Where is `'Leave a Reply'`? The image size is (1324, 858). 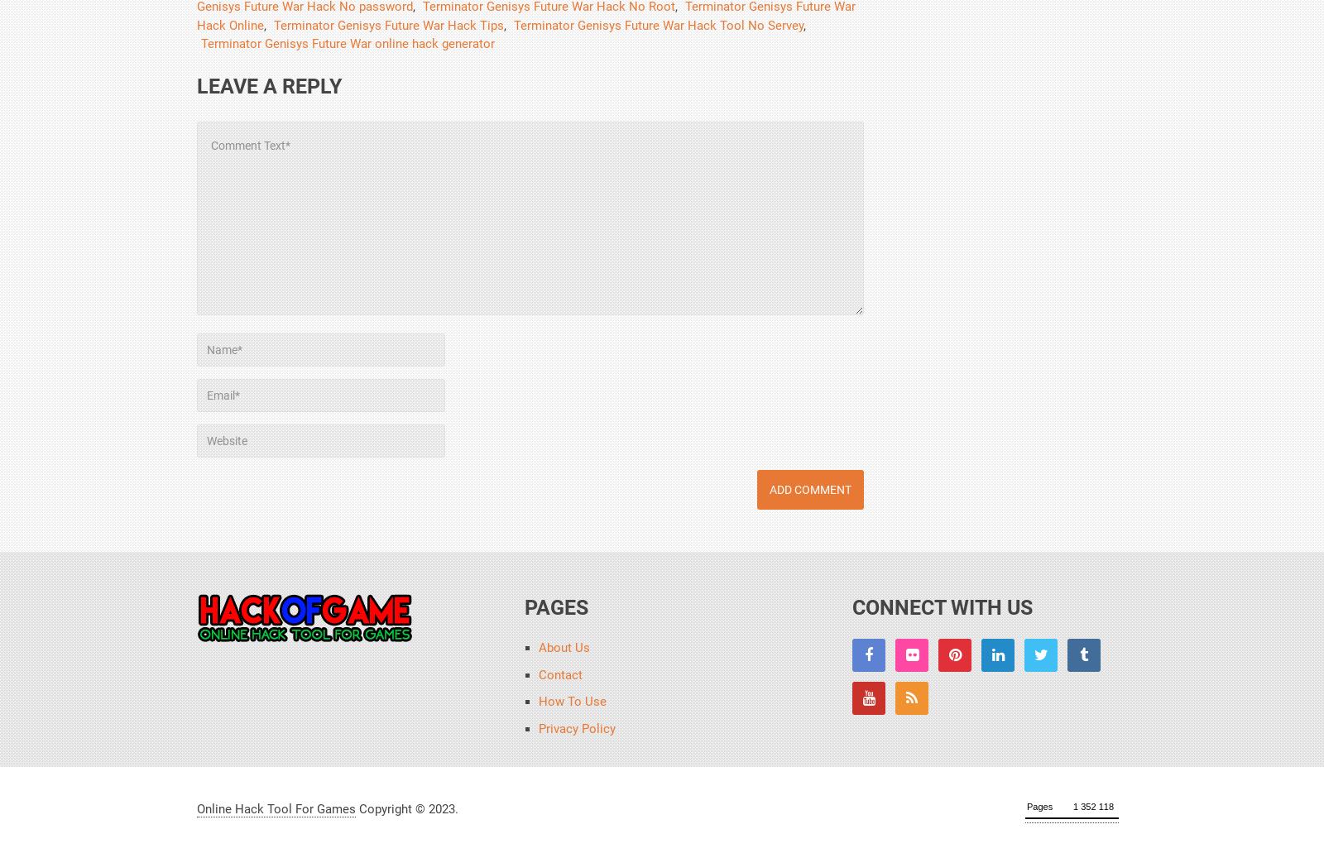
'Leave a Reply' is located at coordinates (269, 84).